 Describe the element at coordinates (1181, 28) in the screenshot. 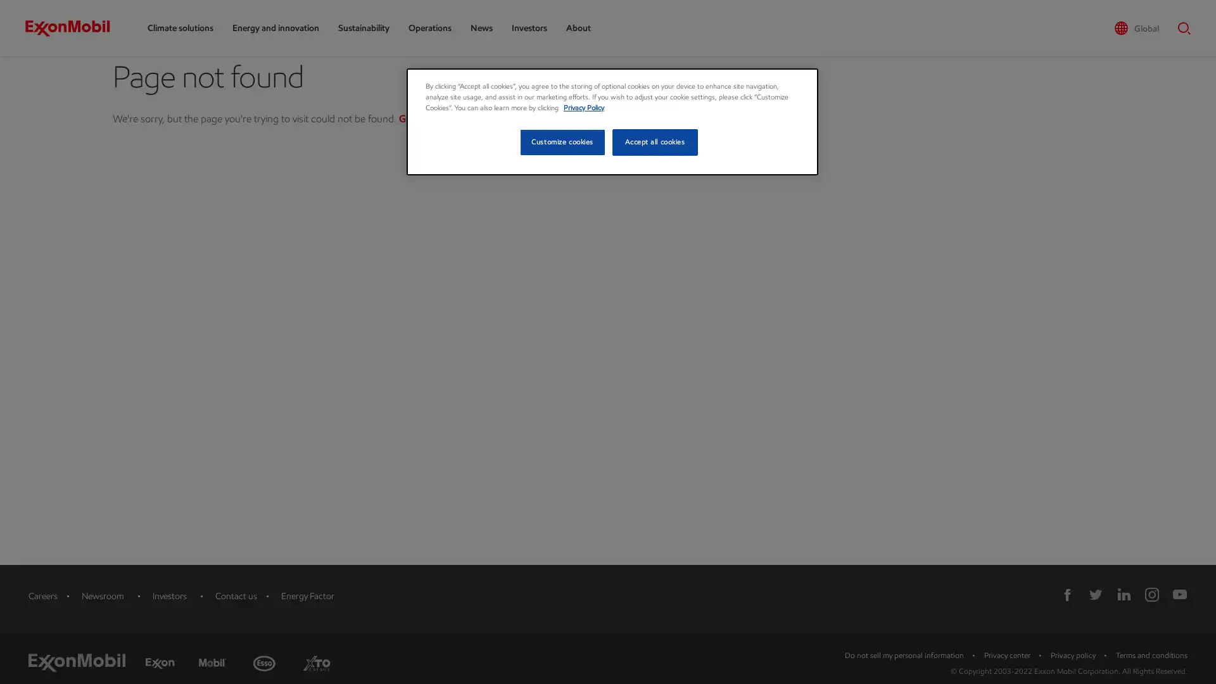

I see `Search` at that location.